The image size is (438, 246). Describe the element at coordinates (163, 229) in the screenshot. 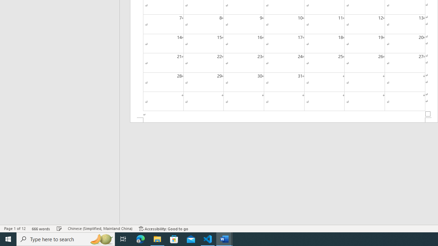

I see `'Accessibility Checker Accessibility: Good to go'` at that location.